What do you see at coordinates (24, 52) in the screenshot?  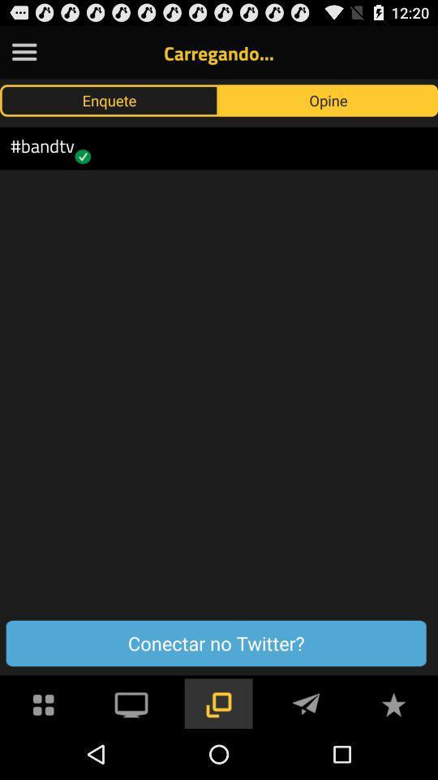 I see `open more settings` at bounding box center [24, 52].